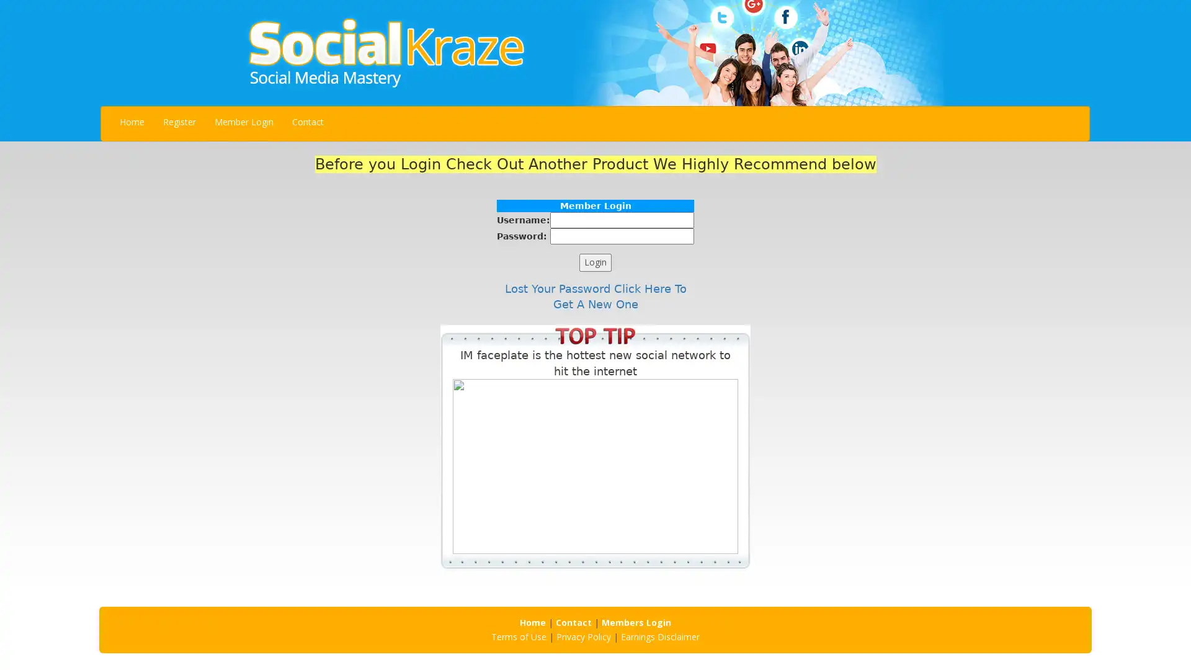 The image size is (1191, 670). Describe the element at coordinates (595, 262) in the screenshot. I see `Login` at that location.